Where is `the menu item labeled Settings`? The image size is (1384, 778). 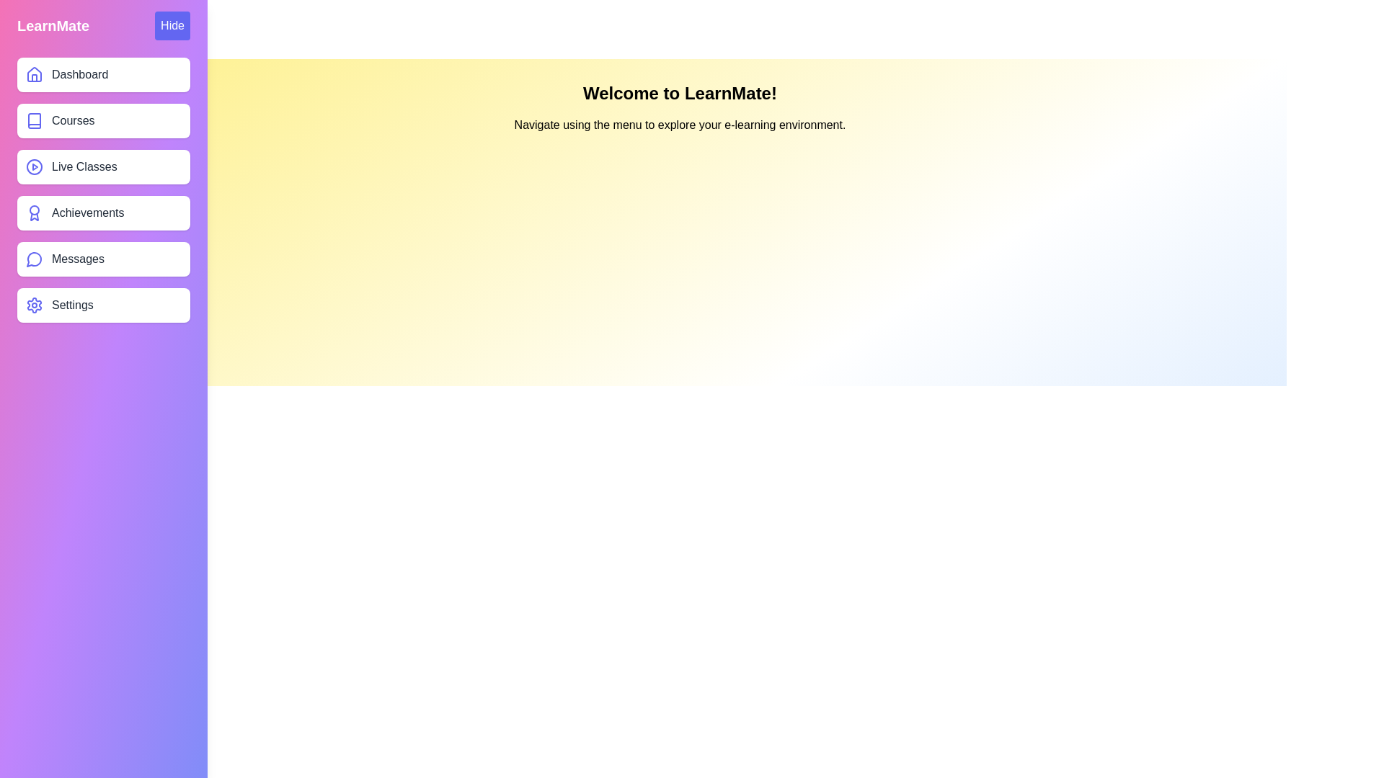
the menu item labeled Settings is located at coordinates (103, 305).